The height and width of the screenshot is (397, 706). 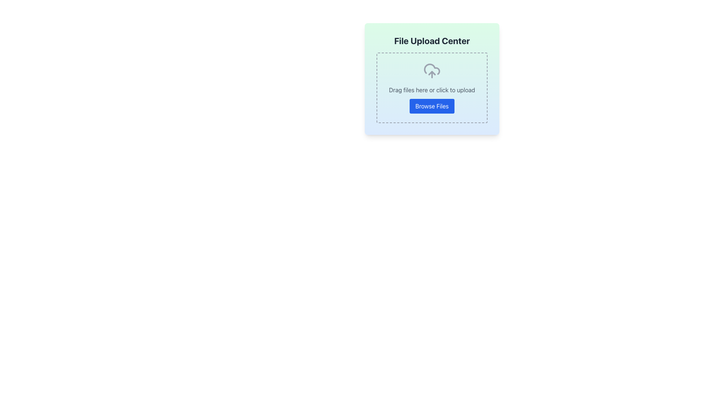 I want to click on text message 'Drag files here or click to upload' displayed in gray color within the bordered box with a dashed gray outline, so click(x=432, y=90).